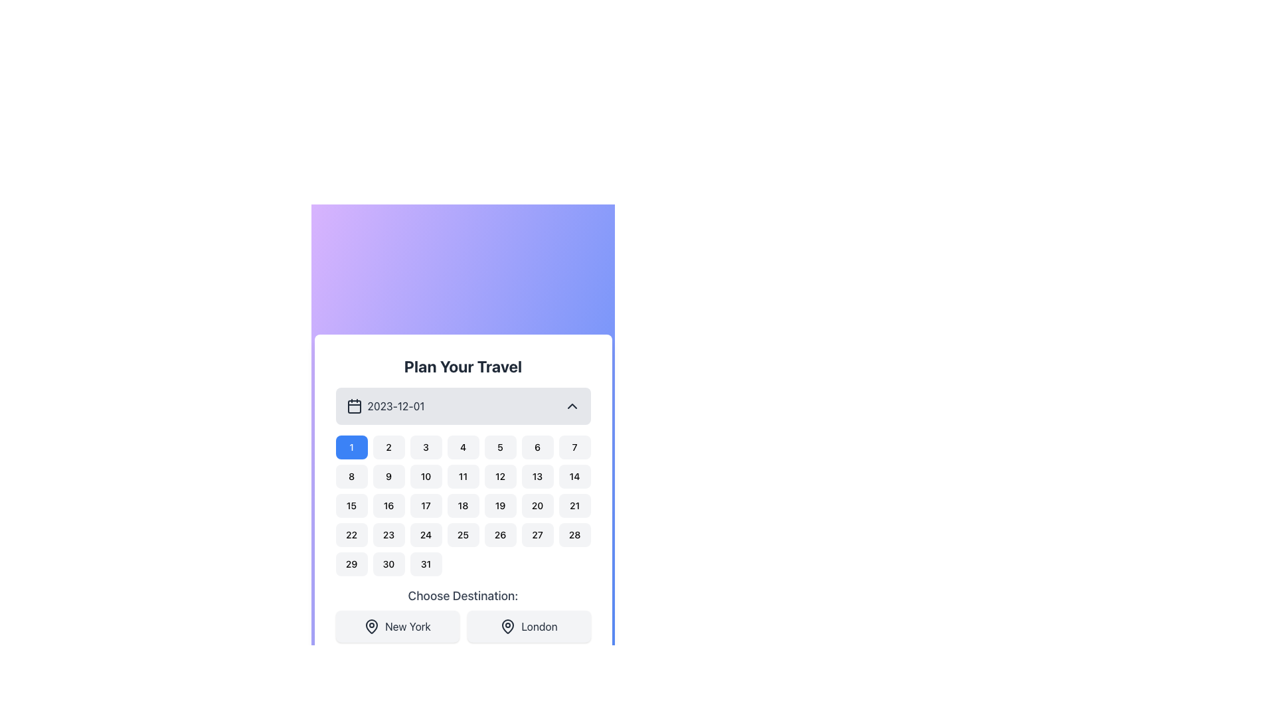  Describe the element at coordinates (351, 564) in the screenshot. I see `the square-shaped button with light gray background and '29' text to change its background color to light blue` at that location.